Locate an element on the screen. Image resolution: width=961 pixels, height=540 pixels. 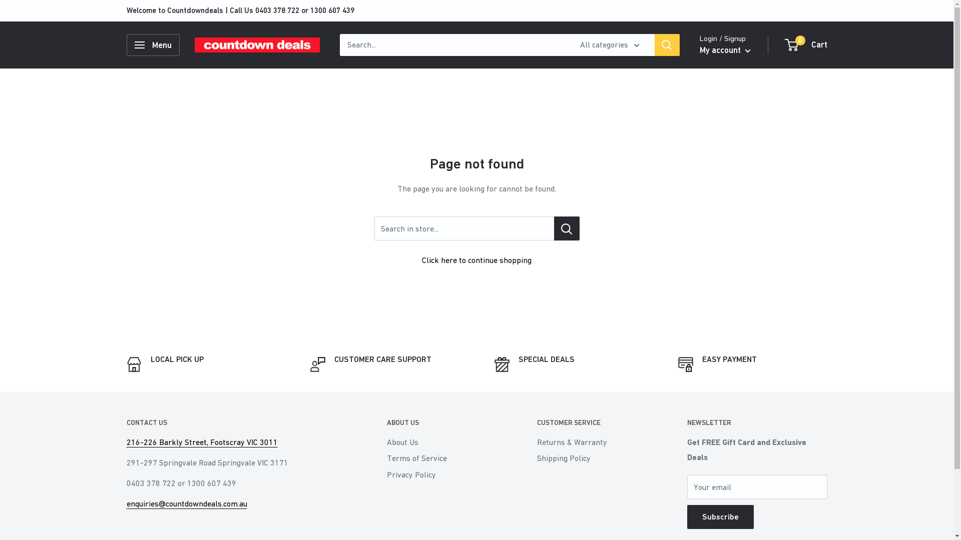
'Menu' is located at coordinates (126, 44).